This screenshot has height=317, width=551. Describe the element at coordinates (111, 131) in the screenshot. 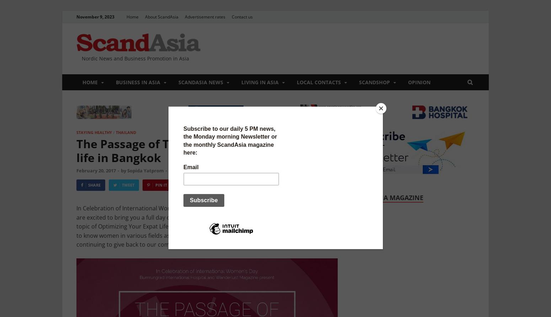

I see `'/'` at that location.